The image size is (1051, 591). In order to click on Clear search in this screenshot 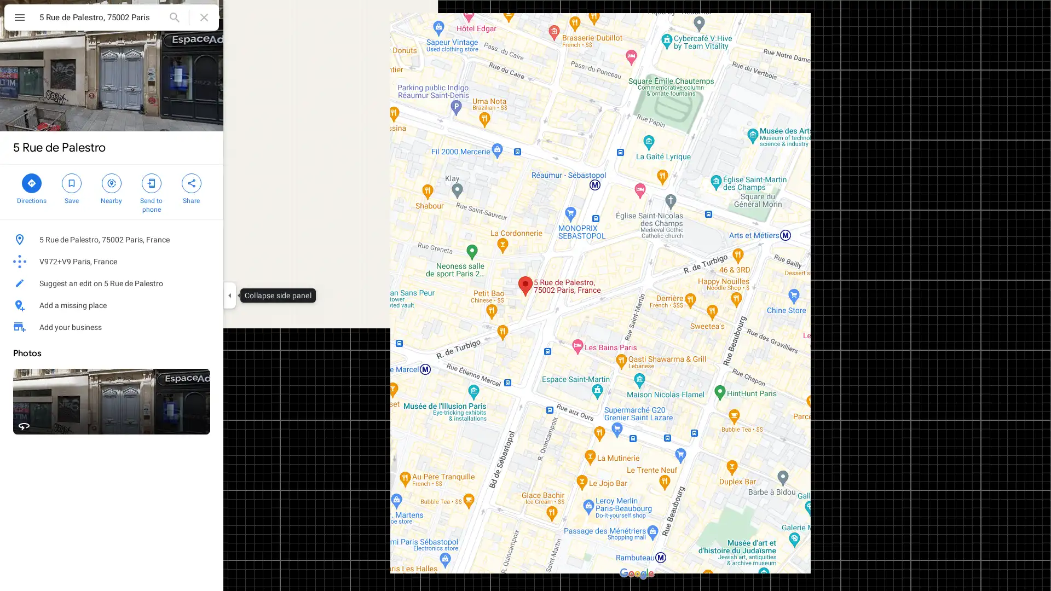, I will do `click(204, 17)`.